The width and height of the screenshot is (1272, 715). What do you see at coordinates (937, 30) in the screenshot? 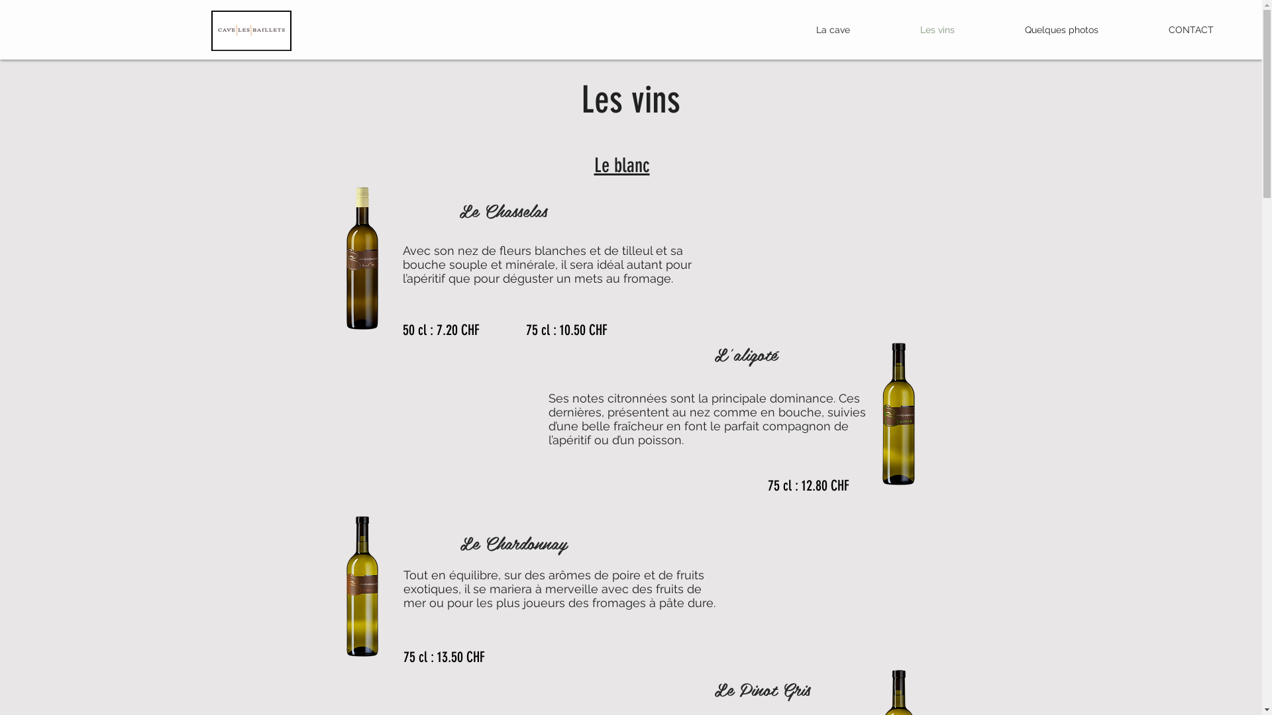
I see `'Les vins'` at bounding box center [937, 30].